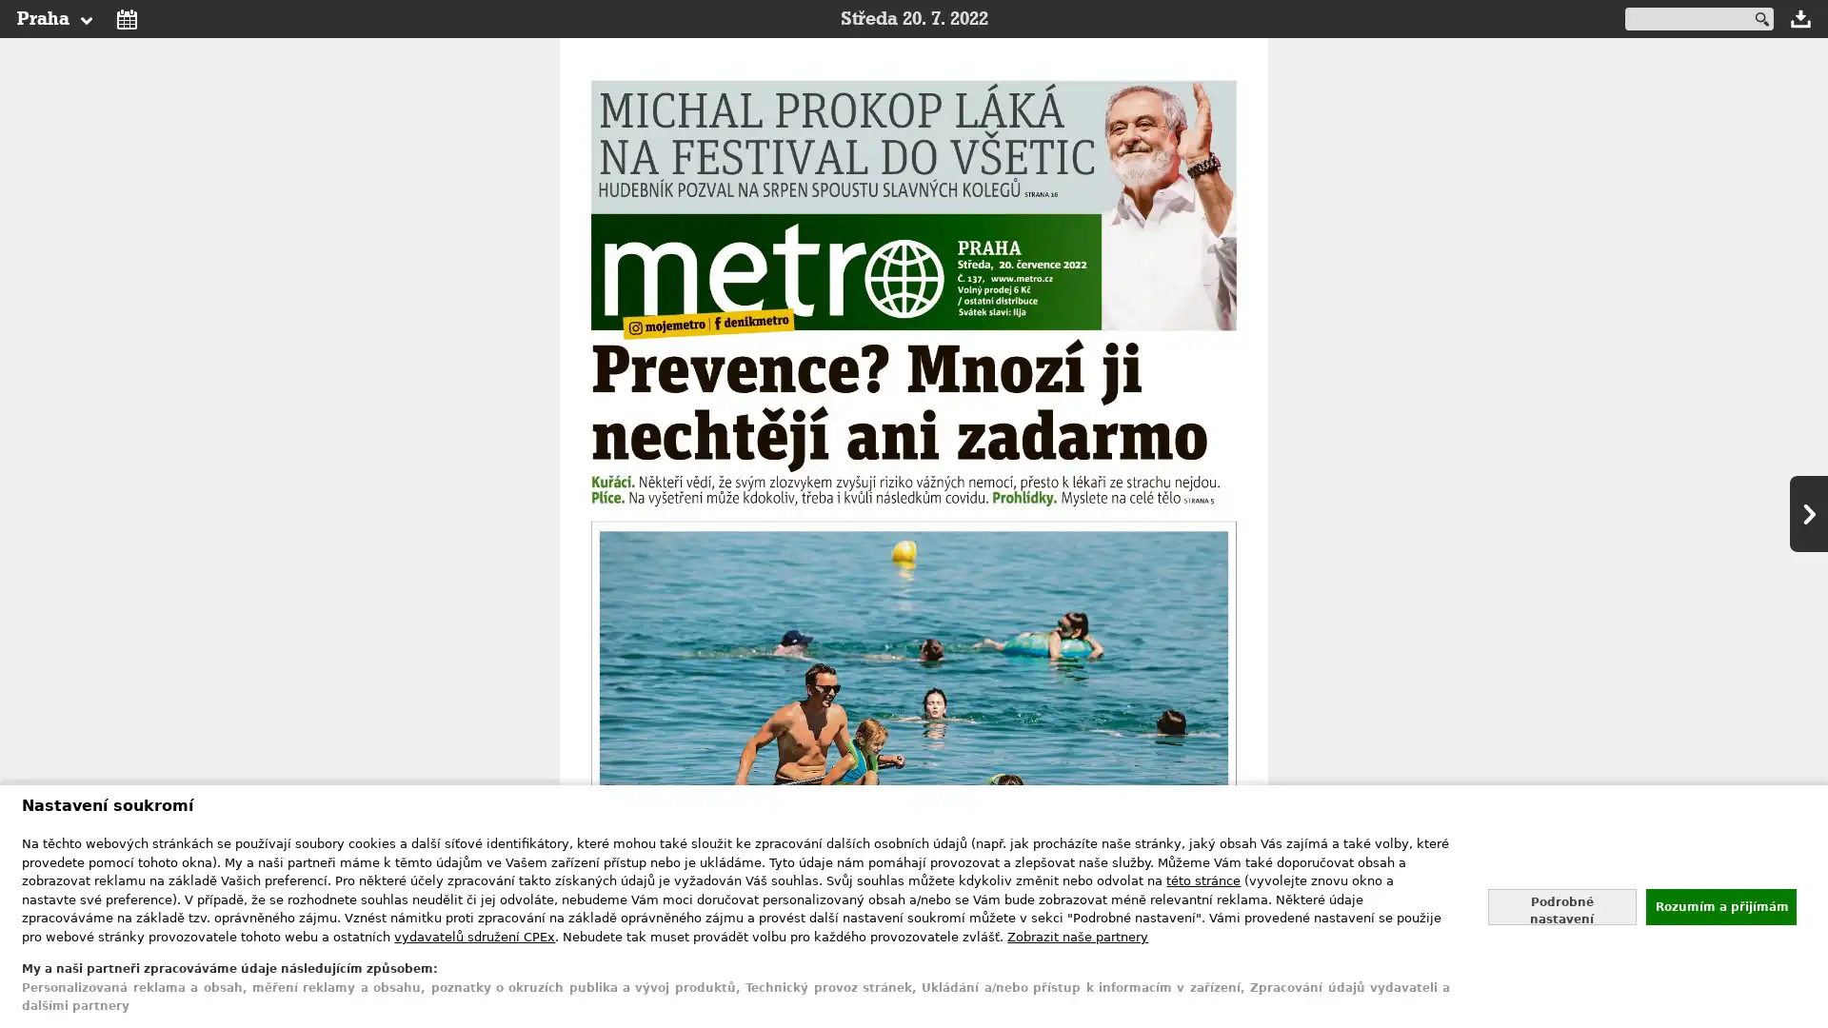 This screenshot has width=1828, height=1028. I want to click on Souhlasit s nasim zpracovanim udaju a zavrit, so click(1719, 905).